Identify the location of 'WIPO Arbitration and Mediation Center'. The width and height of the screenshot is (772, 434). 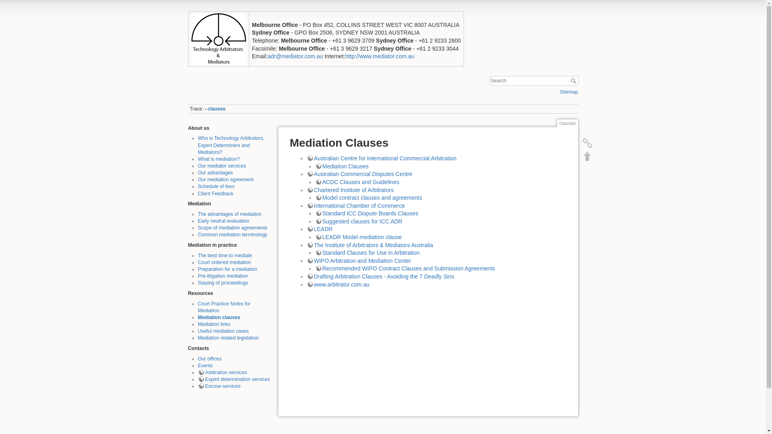
(358, 260).